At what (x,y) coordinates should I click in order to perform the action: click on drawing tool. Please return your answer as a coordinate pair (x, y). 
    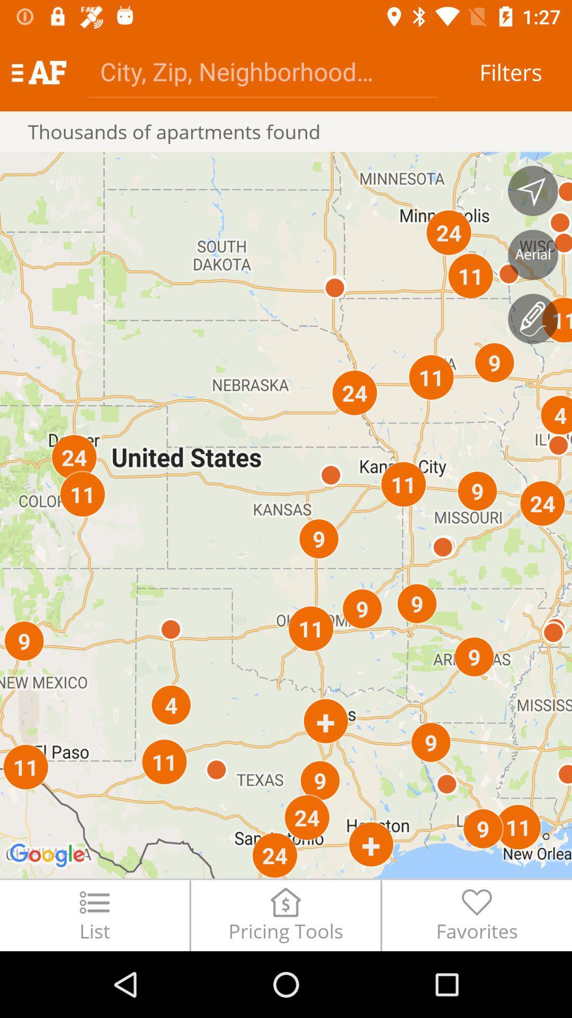
    Looking at the image, I should click on (533, 318).